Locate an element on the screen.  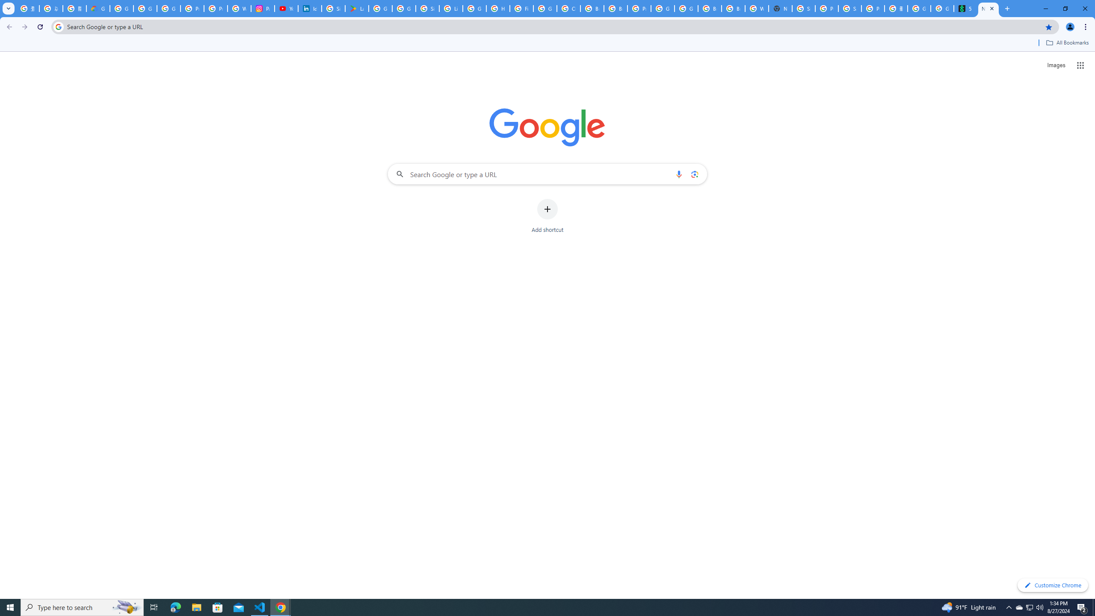
'YouTube Culture & Trends - On The Rise: Handcam Videos' is located at coordinates (286, 8).